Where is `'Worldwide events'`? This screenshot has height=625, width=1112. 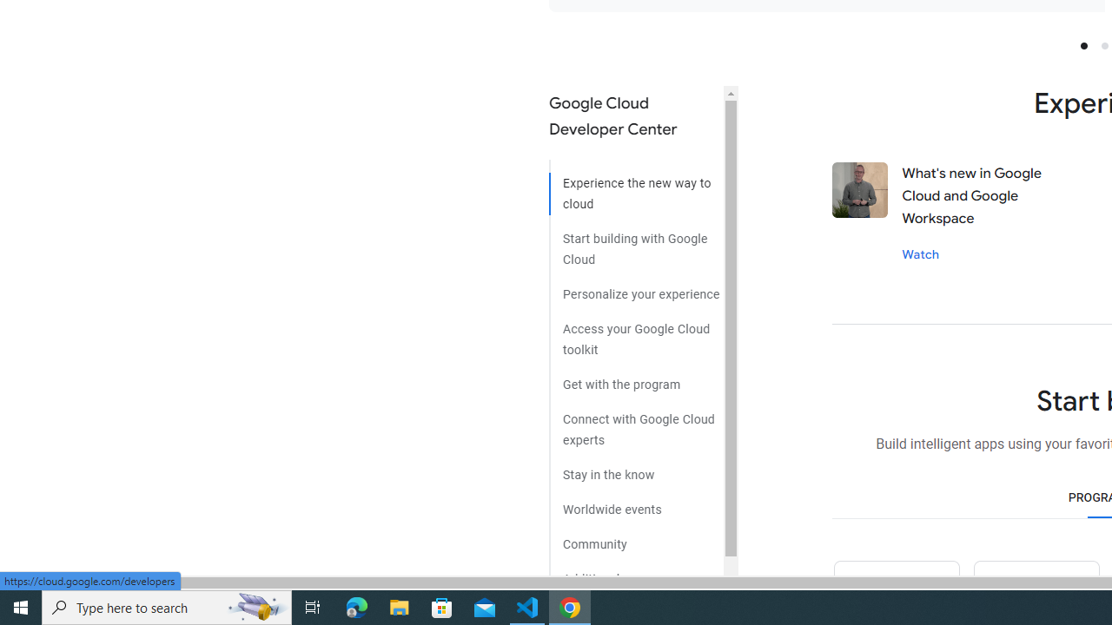 'Worldwide events' is located at coordinates (635, 503).